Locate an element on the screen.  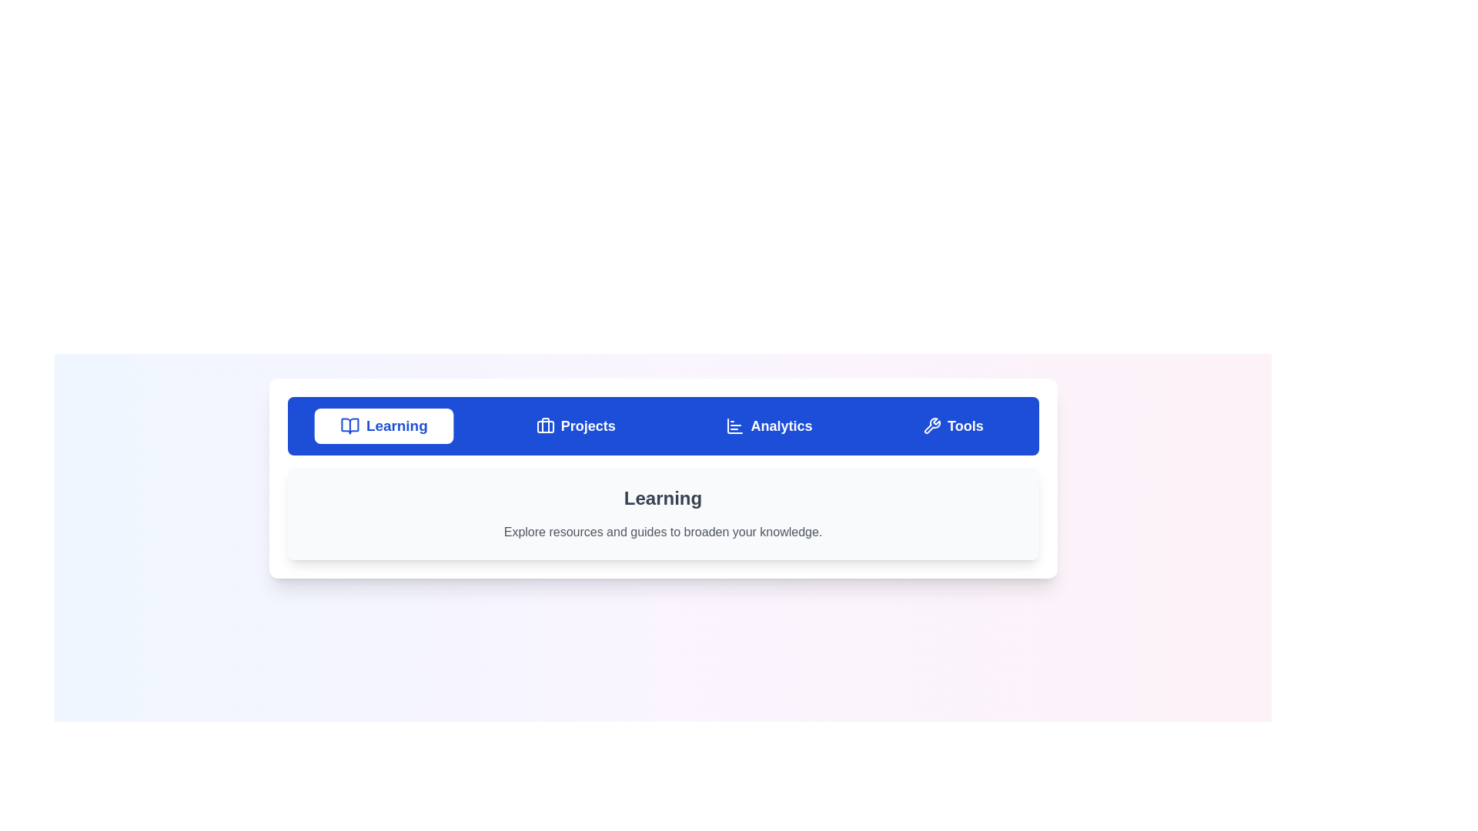
the tools icon located on the far-right side of the navigation bar is located at coordinates (931, 426).